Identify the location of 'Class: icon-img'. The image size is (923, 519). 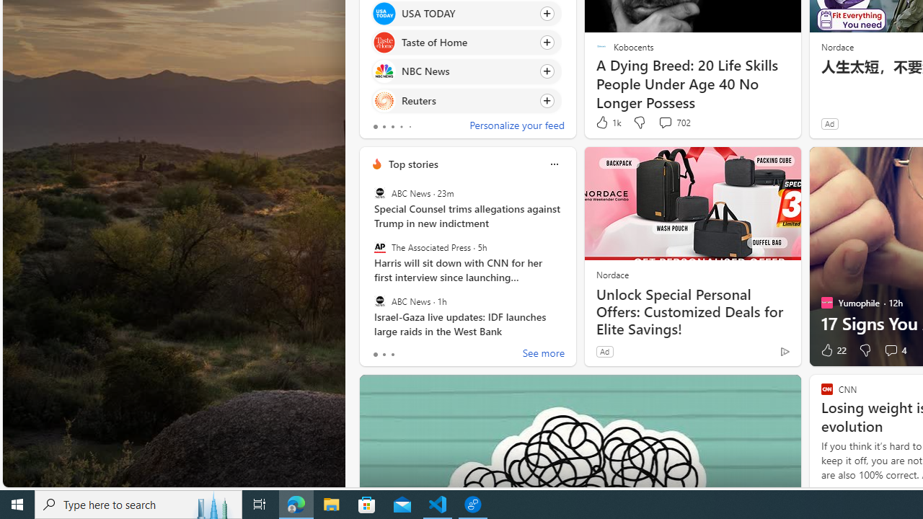
(553, 164).